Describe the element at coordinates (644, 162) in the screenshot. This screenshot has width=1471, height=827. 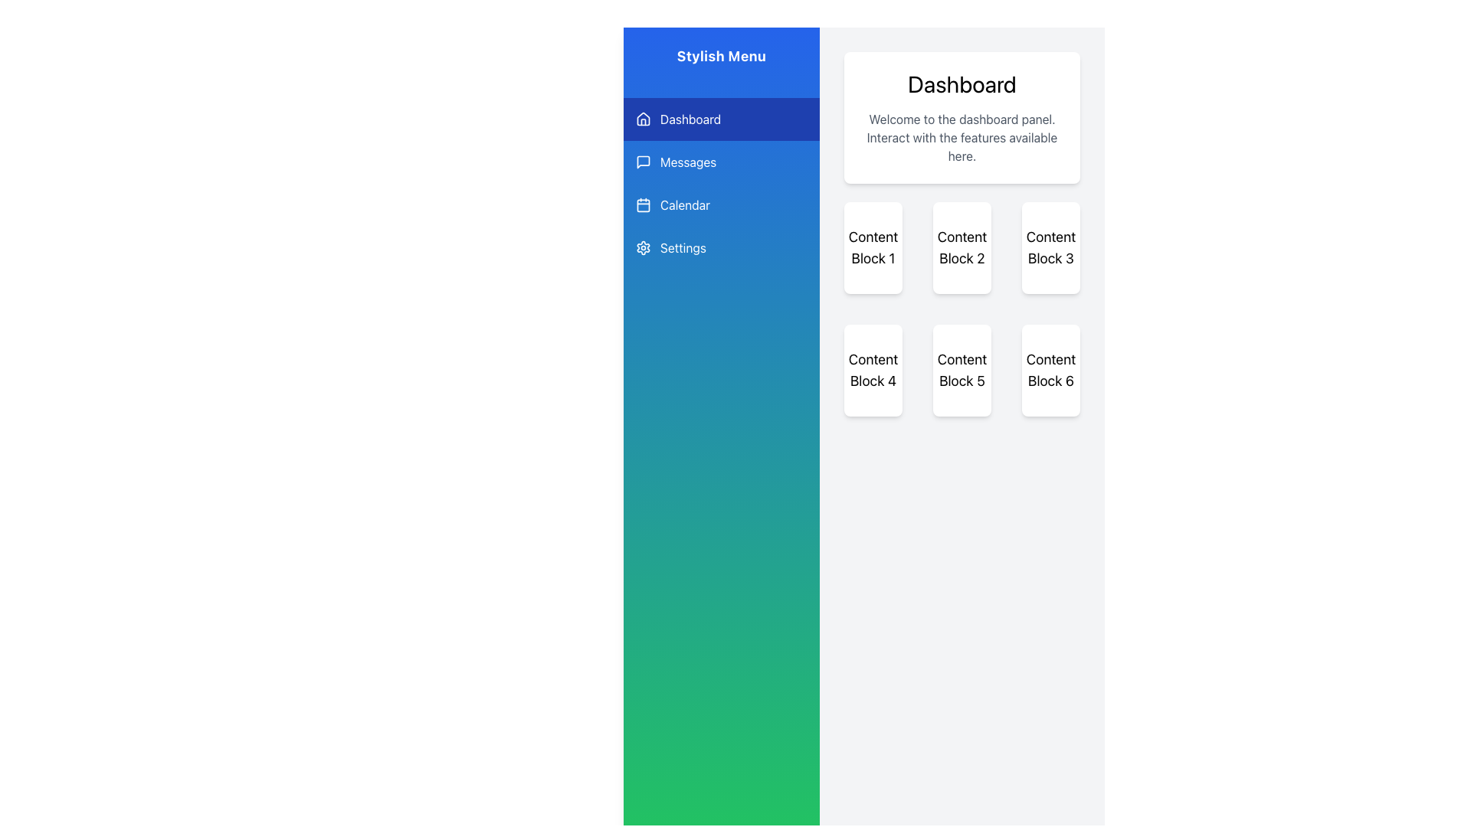
I see `the speech bubble icon located in the 'Messages' menu on the sidebar to interact with or select the Messages menu` at that location.